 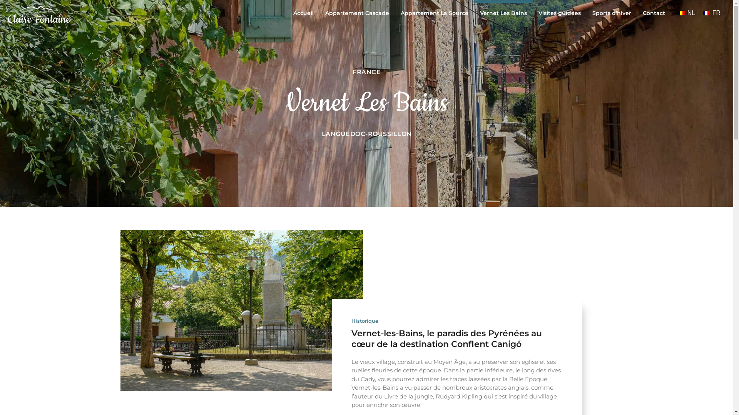 What do you see at coordinates (434, 13) in the screenshot?
I see `'Appartement La Source'` at bounding box center [434, 13].